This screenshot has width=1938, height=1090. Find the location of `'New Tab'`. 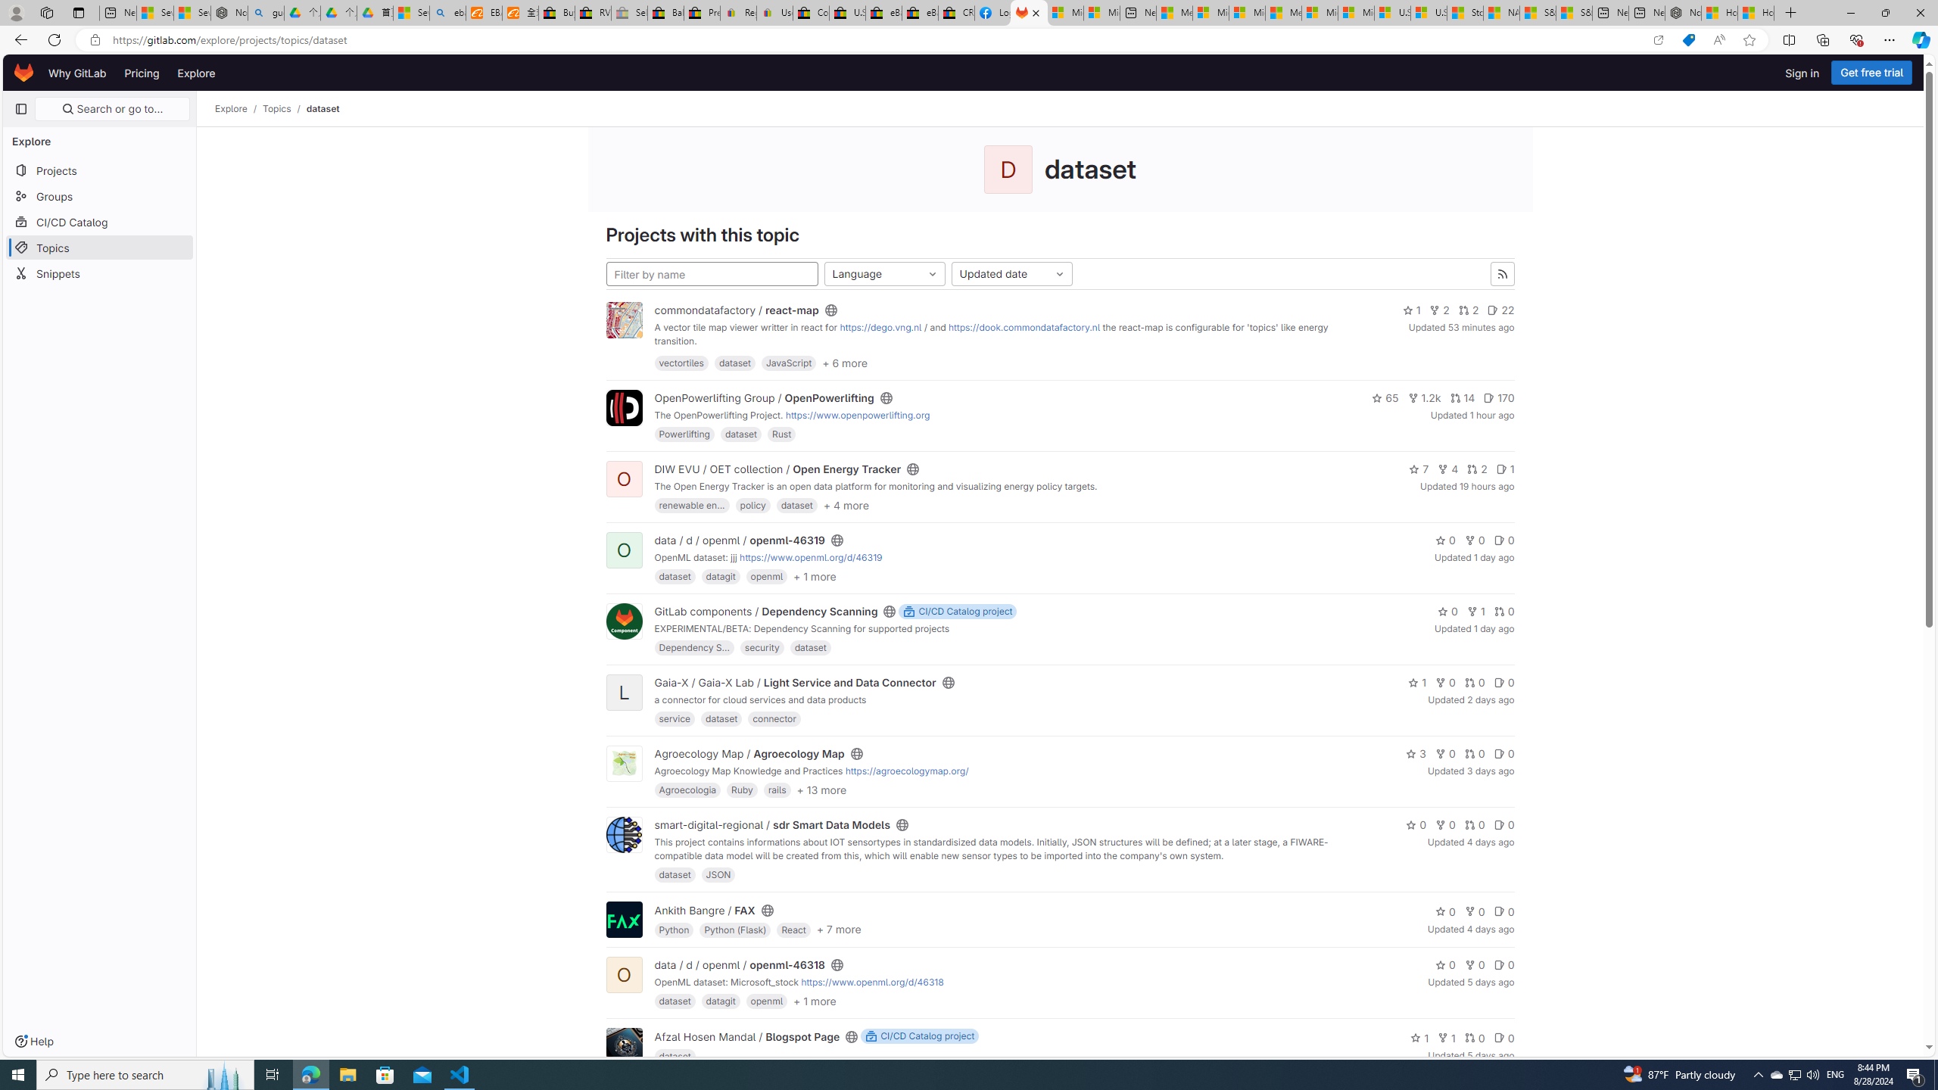

'New Tab' is located at coordinates (1790, 12).